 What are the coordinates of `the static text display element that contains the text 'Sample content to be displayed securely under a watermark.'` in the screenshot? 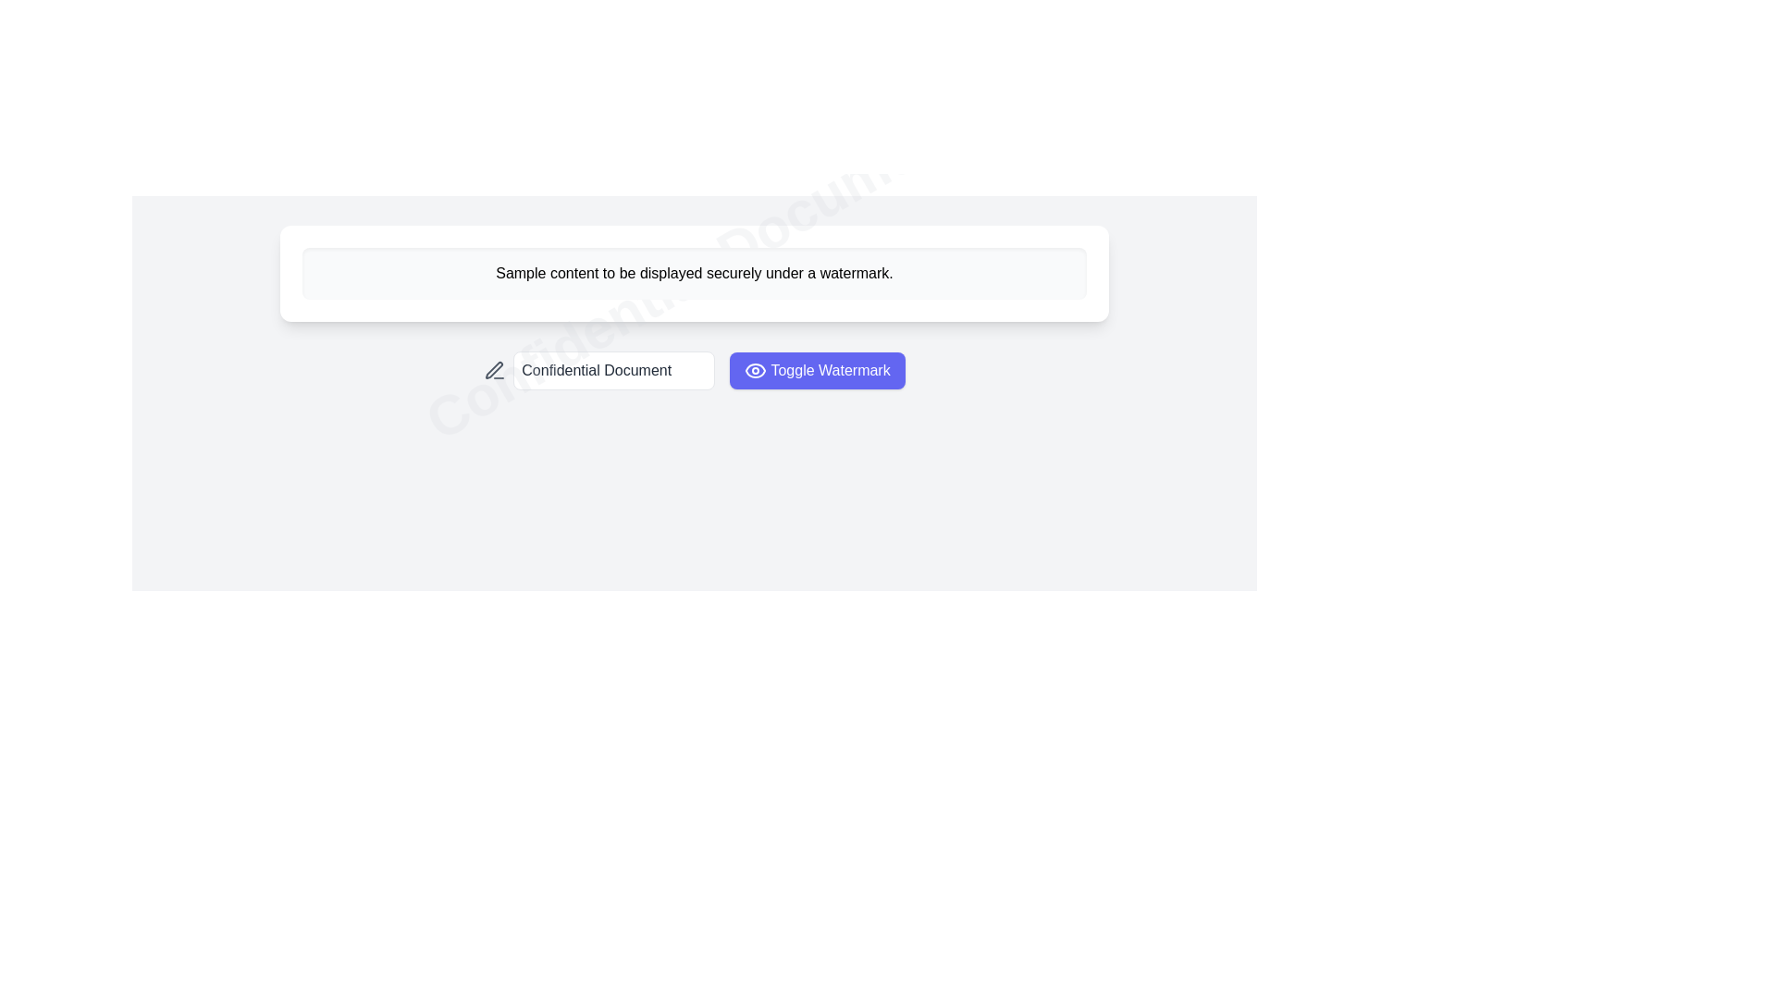 It's located at (693, 274).